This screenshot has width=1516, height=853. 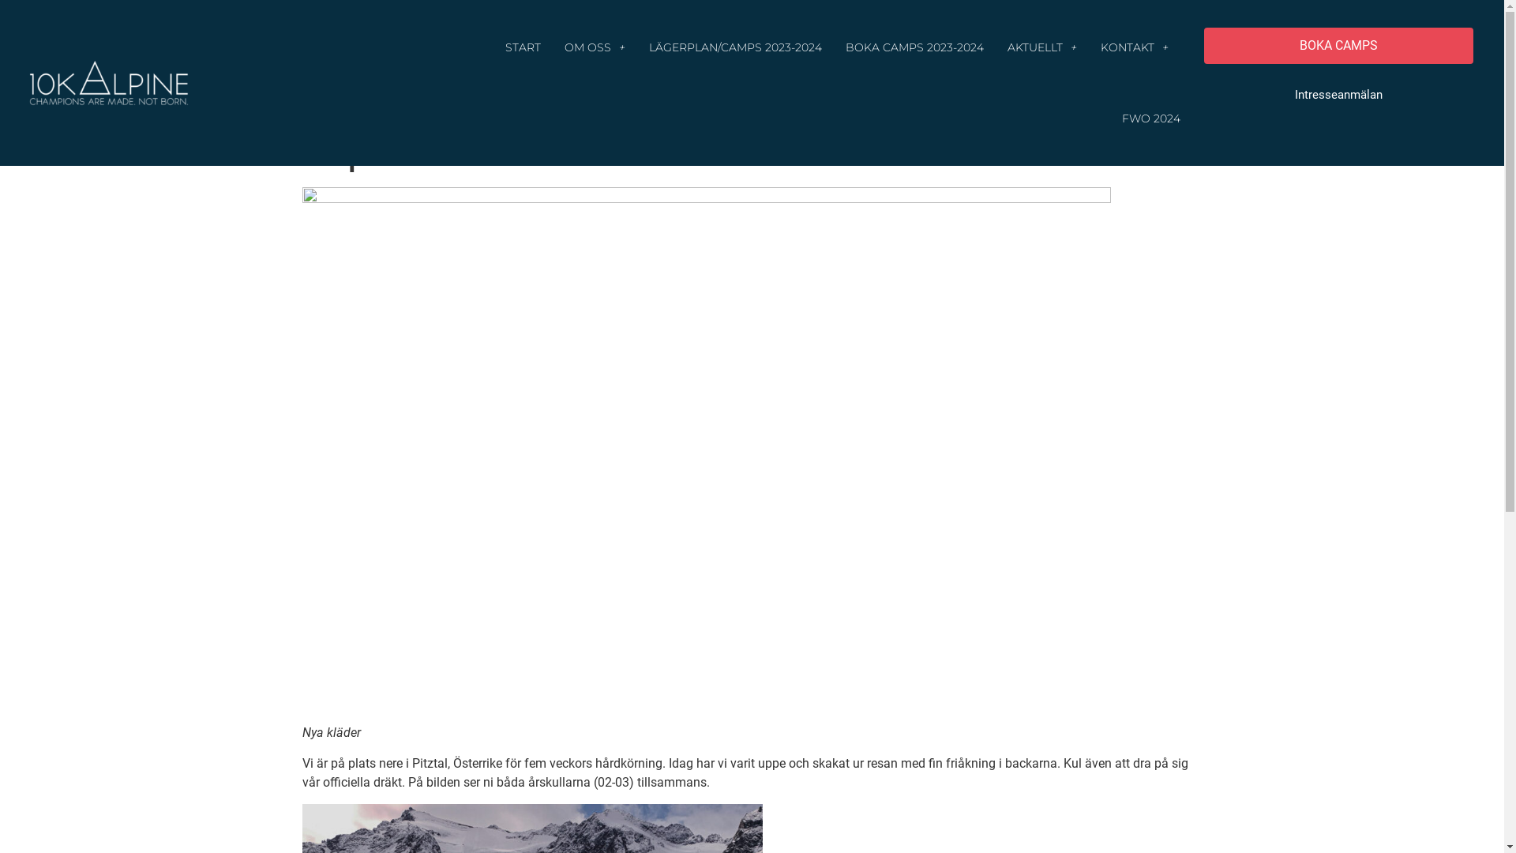 I want to click on 'OM OSS', so click(x=594, y=47).